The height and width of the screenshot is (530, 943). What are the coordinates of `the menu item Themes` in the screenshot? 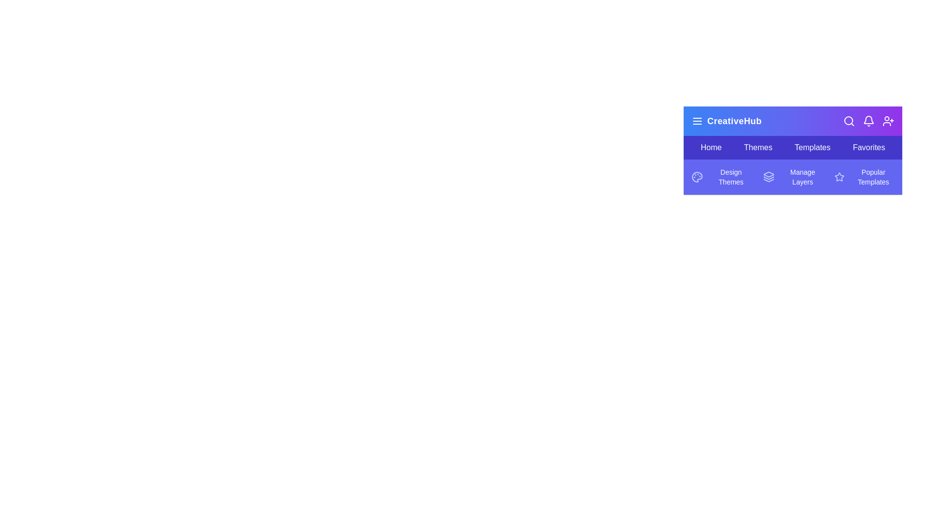 It's located at (757, 147).